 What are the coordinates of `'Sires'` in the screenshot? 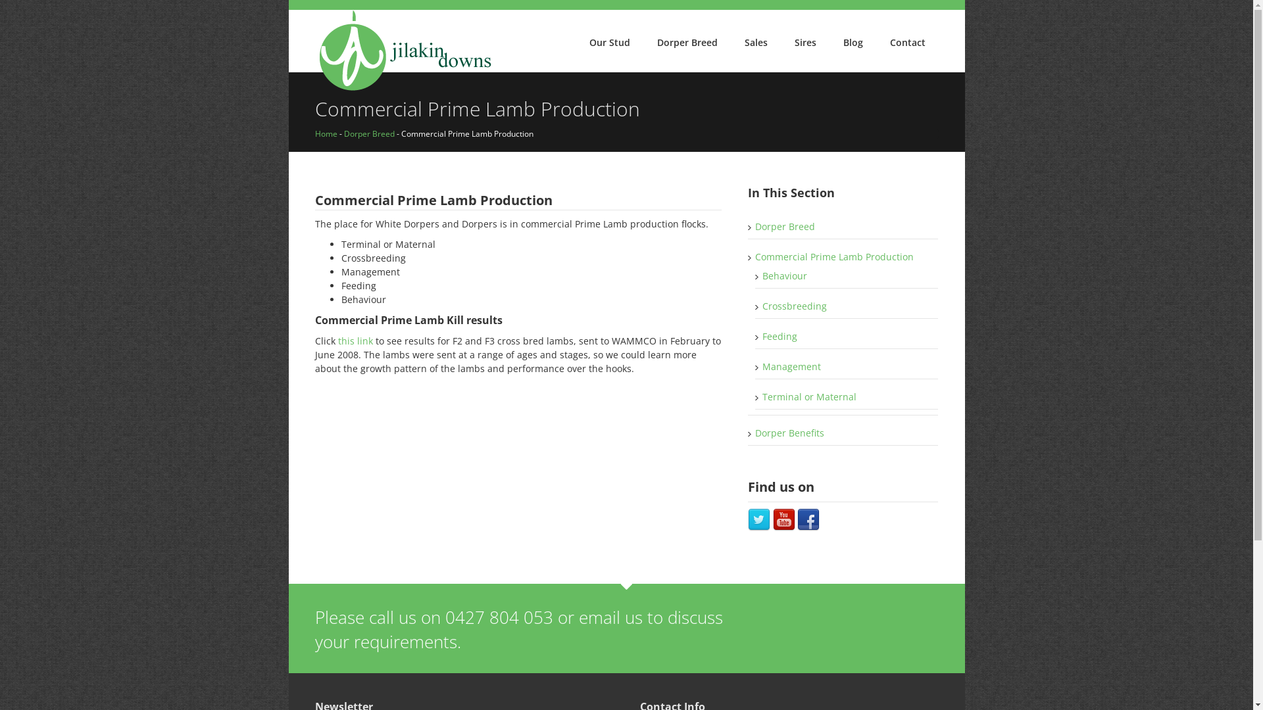 It's located at (805, 42).